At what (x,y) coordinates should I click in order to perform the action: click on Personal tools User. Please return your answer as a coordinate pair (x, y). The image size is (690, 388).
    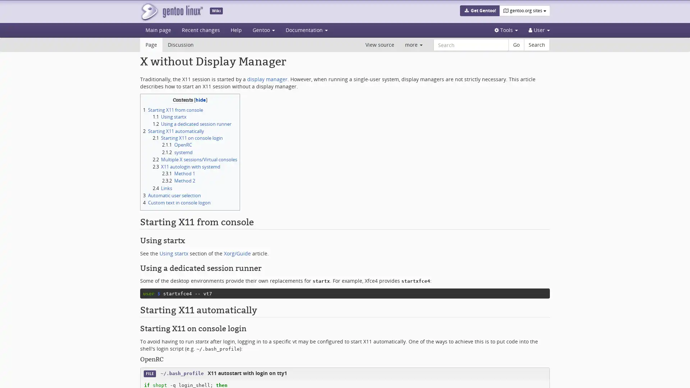
    Looking at the image, I should click on (539, 30).